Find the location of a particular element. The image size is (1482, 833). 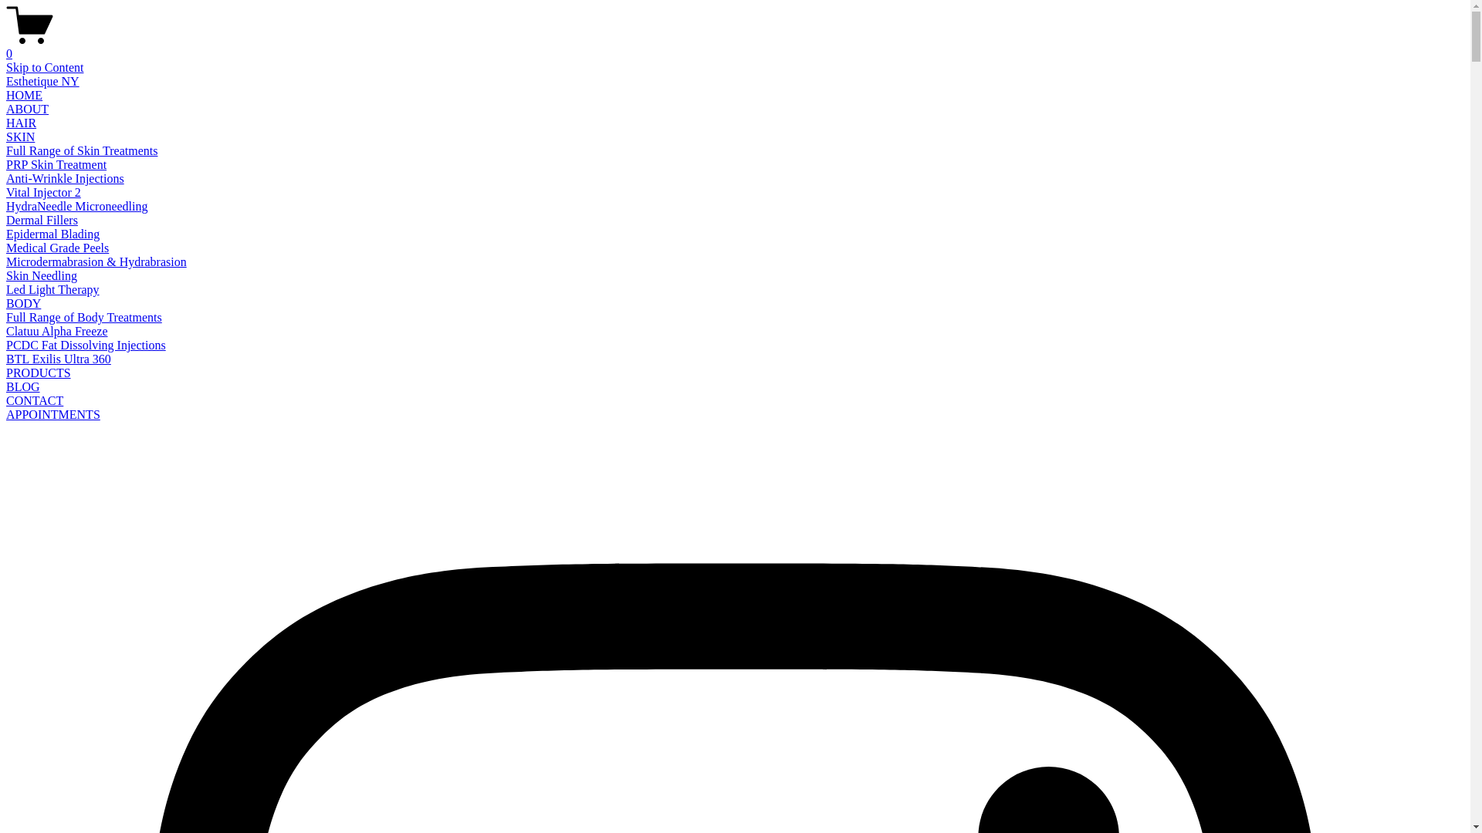

'Anti-Wrinkle Injections' is located at coordinates (64, 177).